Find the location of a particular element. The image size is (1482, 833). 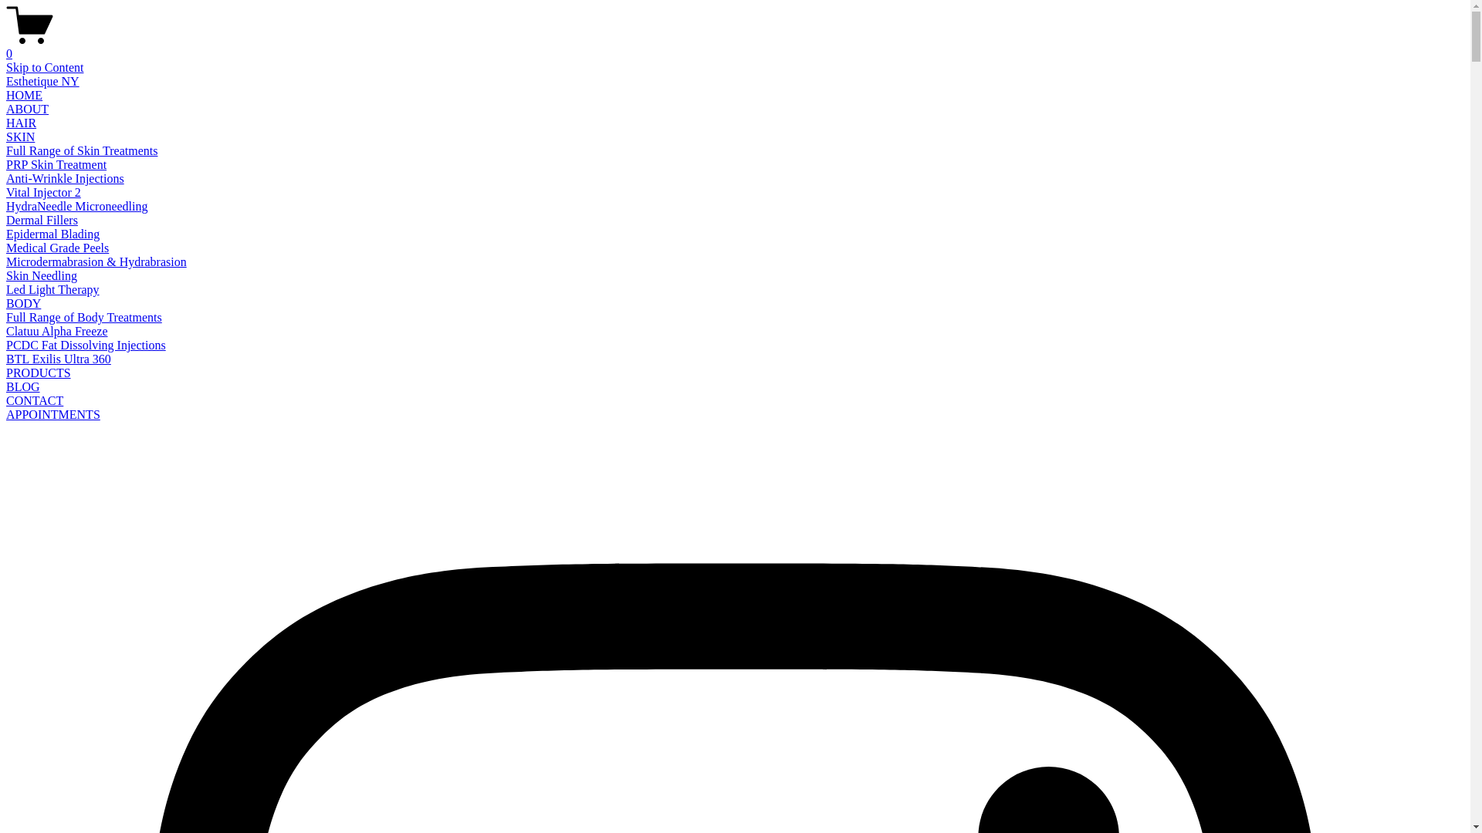

'Anti-Wrinkle Injections' is located at coordinates (64, 177).